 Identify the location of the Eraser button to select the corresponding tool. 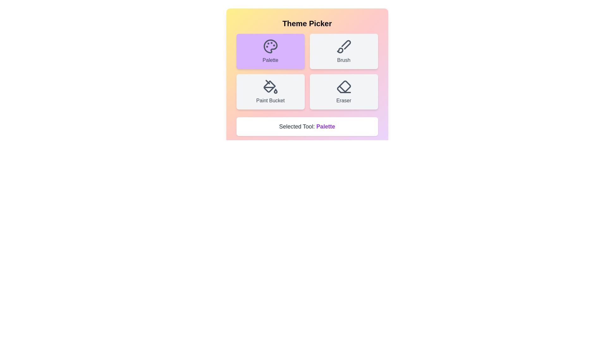
(343, 92).